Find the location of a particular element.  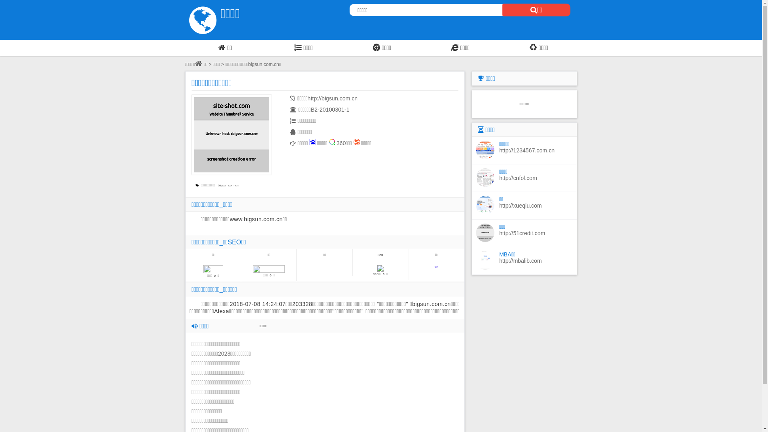

'bigsun com cn' is located at coordinates (218, 185).